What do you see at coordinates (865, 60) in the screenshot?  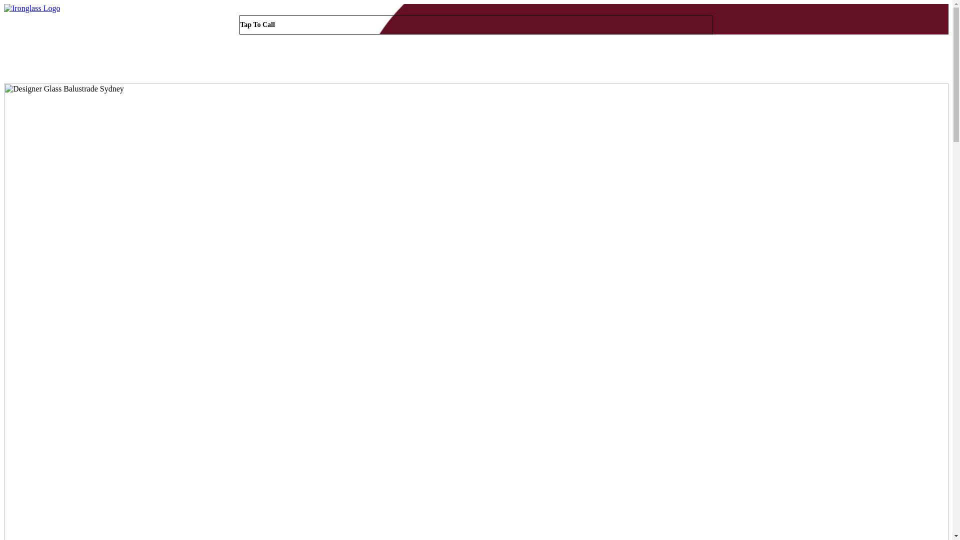 I see `'Blog'` at bounding box center [865, 60].